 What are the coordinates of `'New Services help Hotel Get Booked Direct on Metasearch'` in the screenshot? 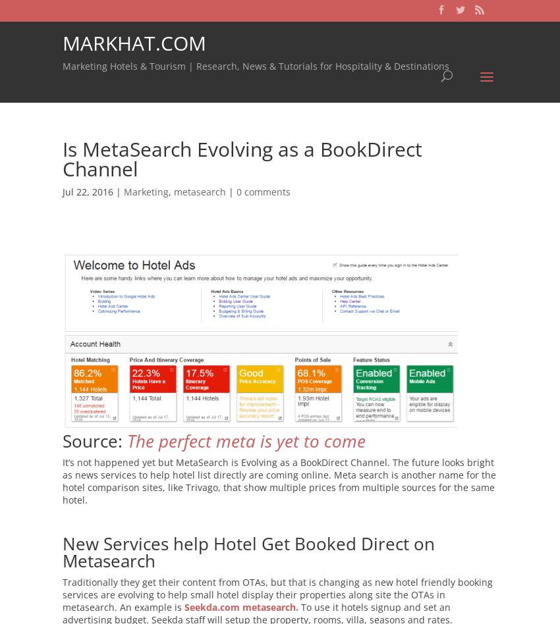 It's located at (248, 551).